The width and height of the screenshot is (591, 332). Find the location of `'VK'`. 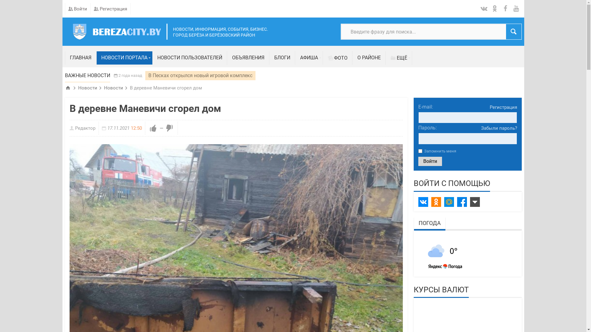

'VK' is located at coordinates (422, 202).